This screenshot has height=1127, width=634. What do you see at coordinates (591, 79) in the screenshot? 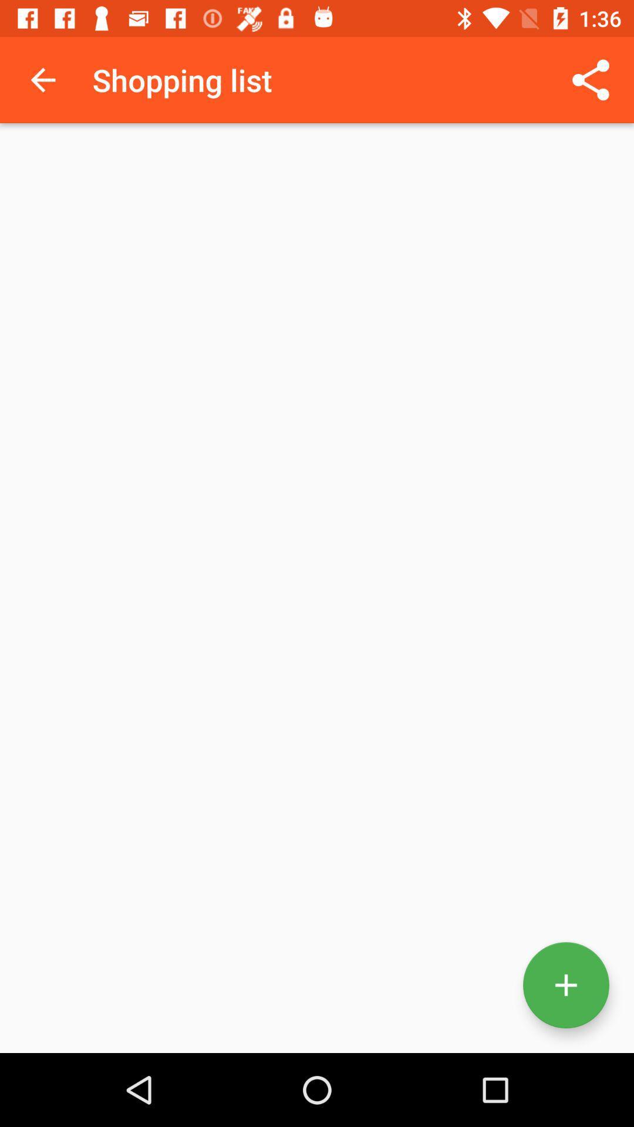
I see `item next to the shopping list item` at bounding box center [591, 79].